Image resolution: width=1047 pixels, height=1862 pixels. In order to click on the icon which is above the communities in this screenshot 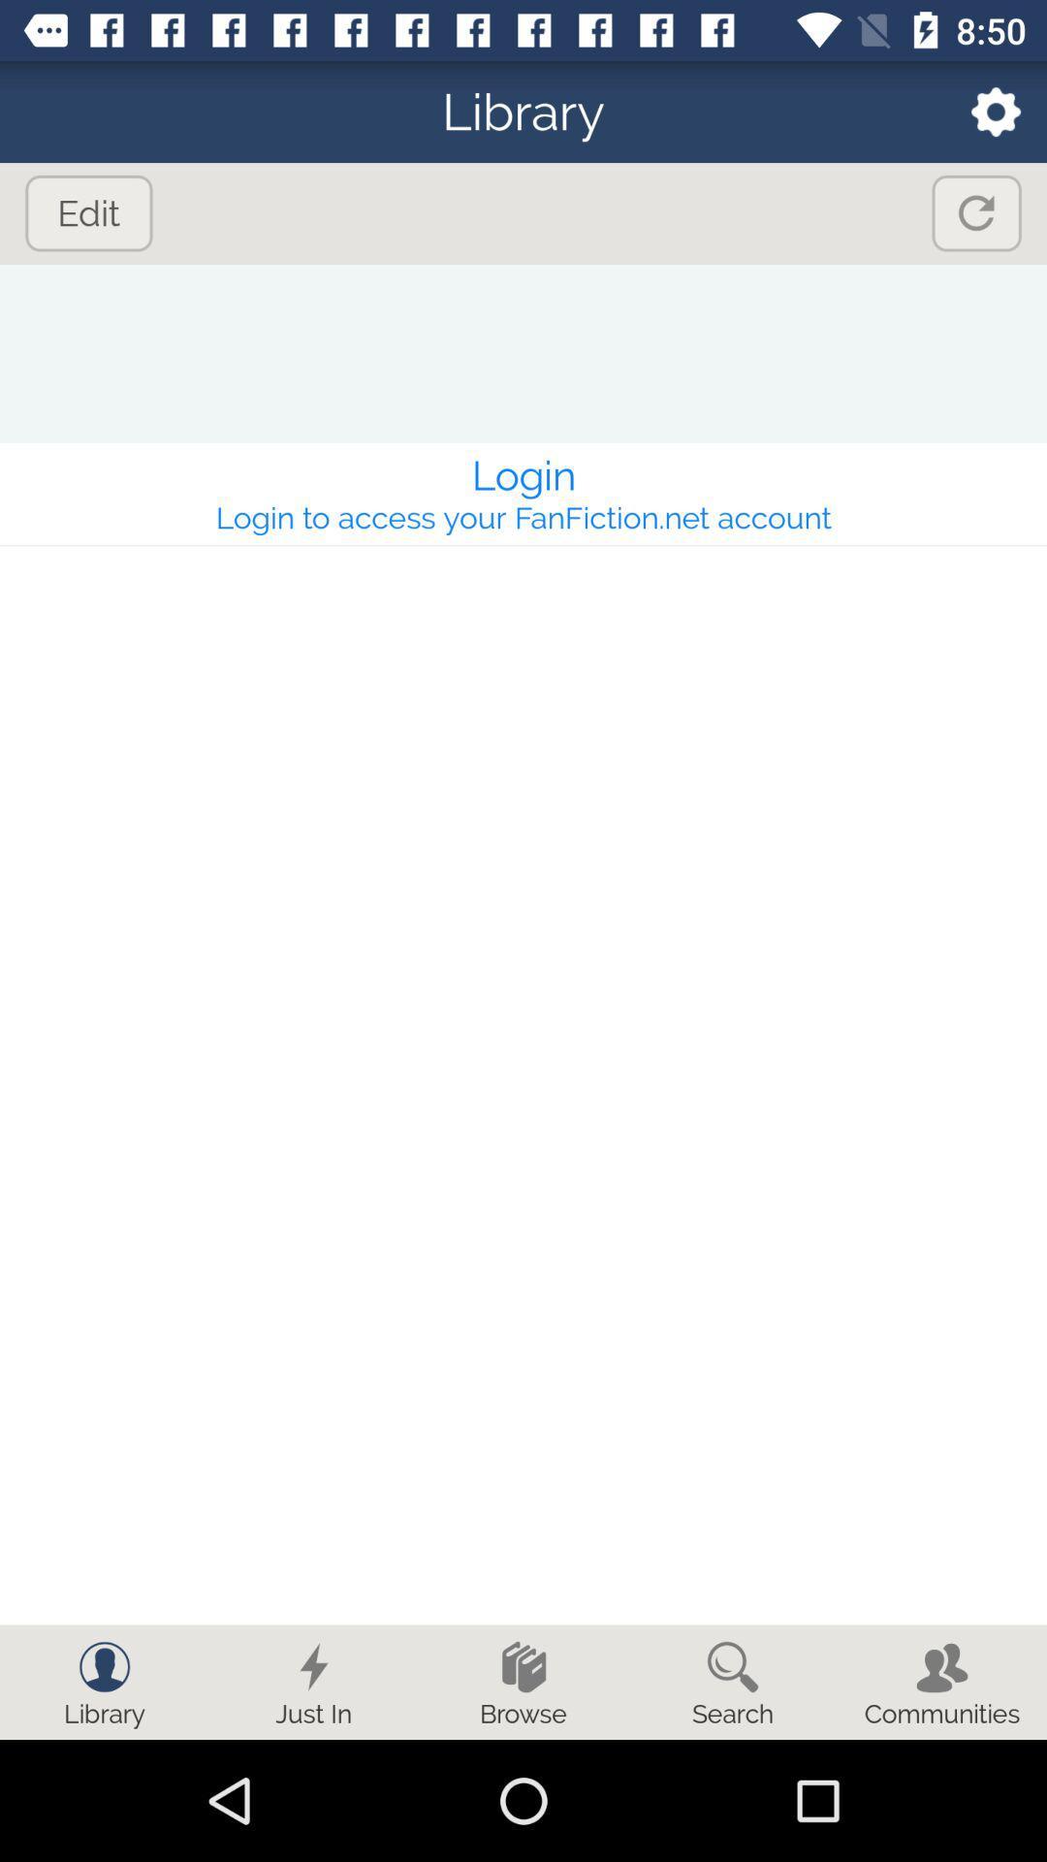, I will do `click(941, 1665)`.